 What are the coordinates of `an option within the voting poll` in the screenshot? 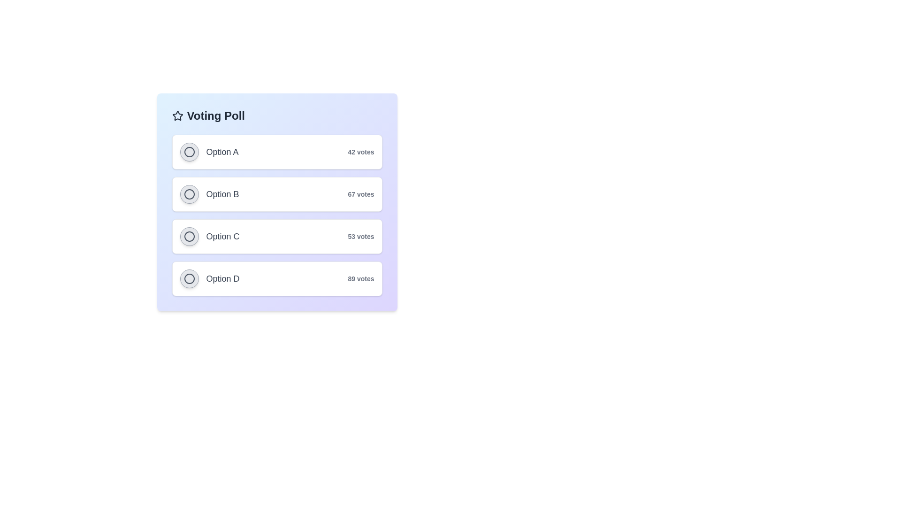 It's located at (276, 215).